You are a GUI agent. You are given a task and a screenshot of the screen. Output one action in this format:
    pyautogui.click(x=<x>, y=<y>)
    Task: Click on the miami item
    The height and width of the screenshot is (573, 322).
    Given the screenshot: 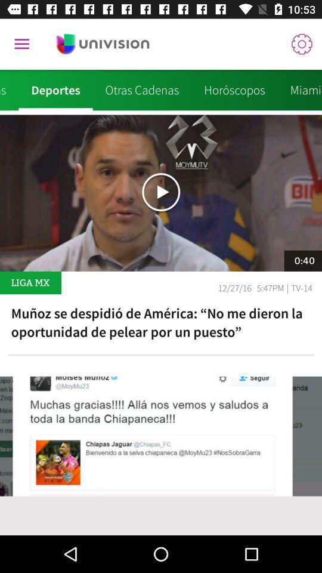 What is the action you would take?
    pyautogui.click(x=299, y=90)
    